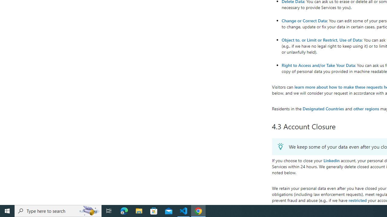 This screenshot has width=387, height=217. Describe the element at coordinates (357, 200) in the screenshot. I see `'restricted'` at that location.